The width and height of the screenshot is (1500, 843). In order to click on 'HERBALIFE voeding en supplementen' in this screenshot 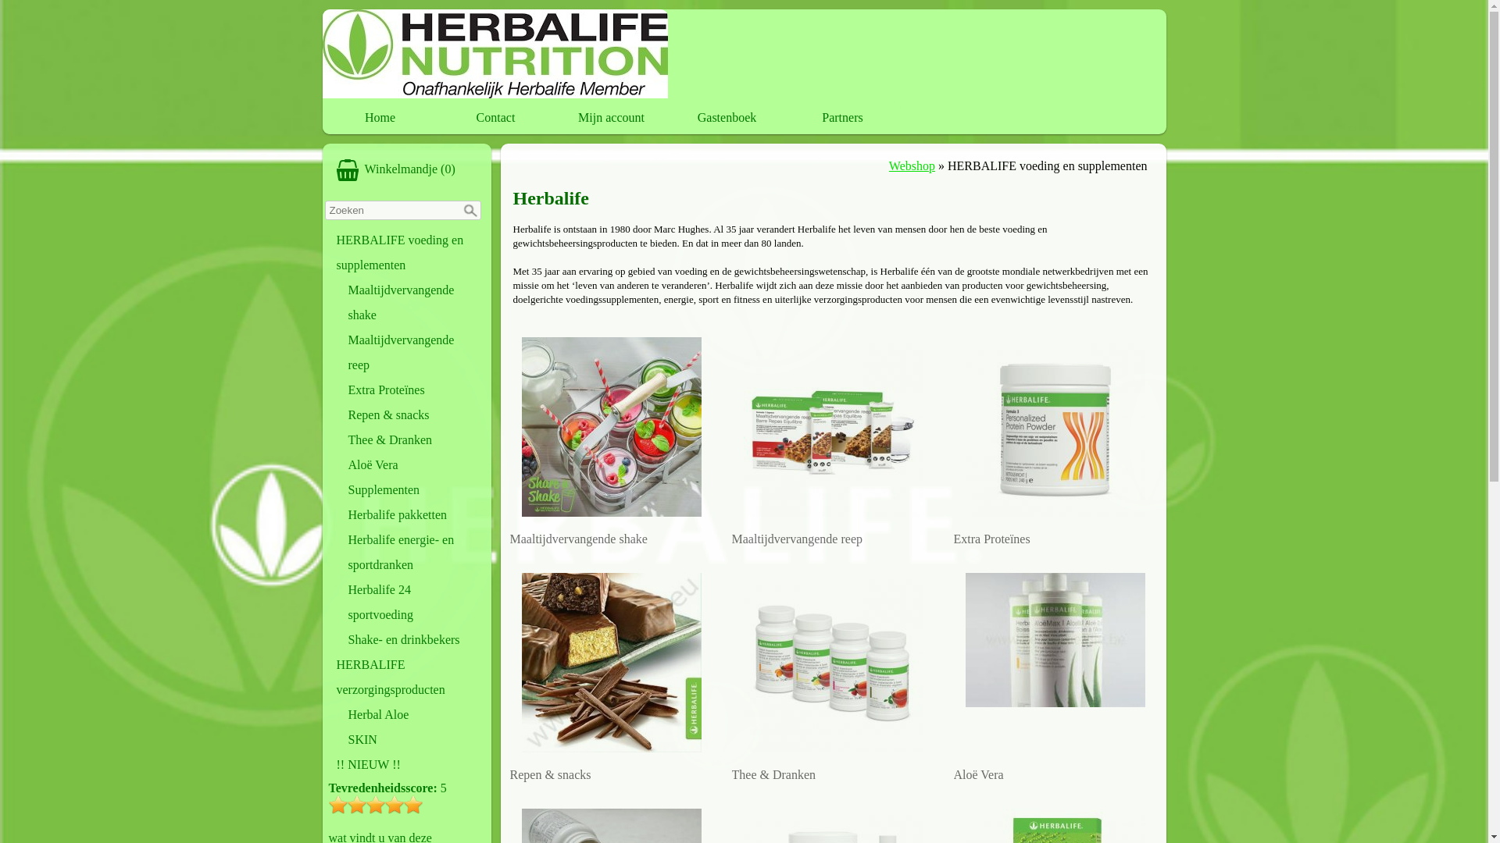, I will do `click(407, 252)`.